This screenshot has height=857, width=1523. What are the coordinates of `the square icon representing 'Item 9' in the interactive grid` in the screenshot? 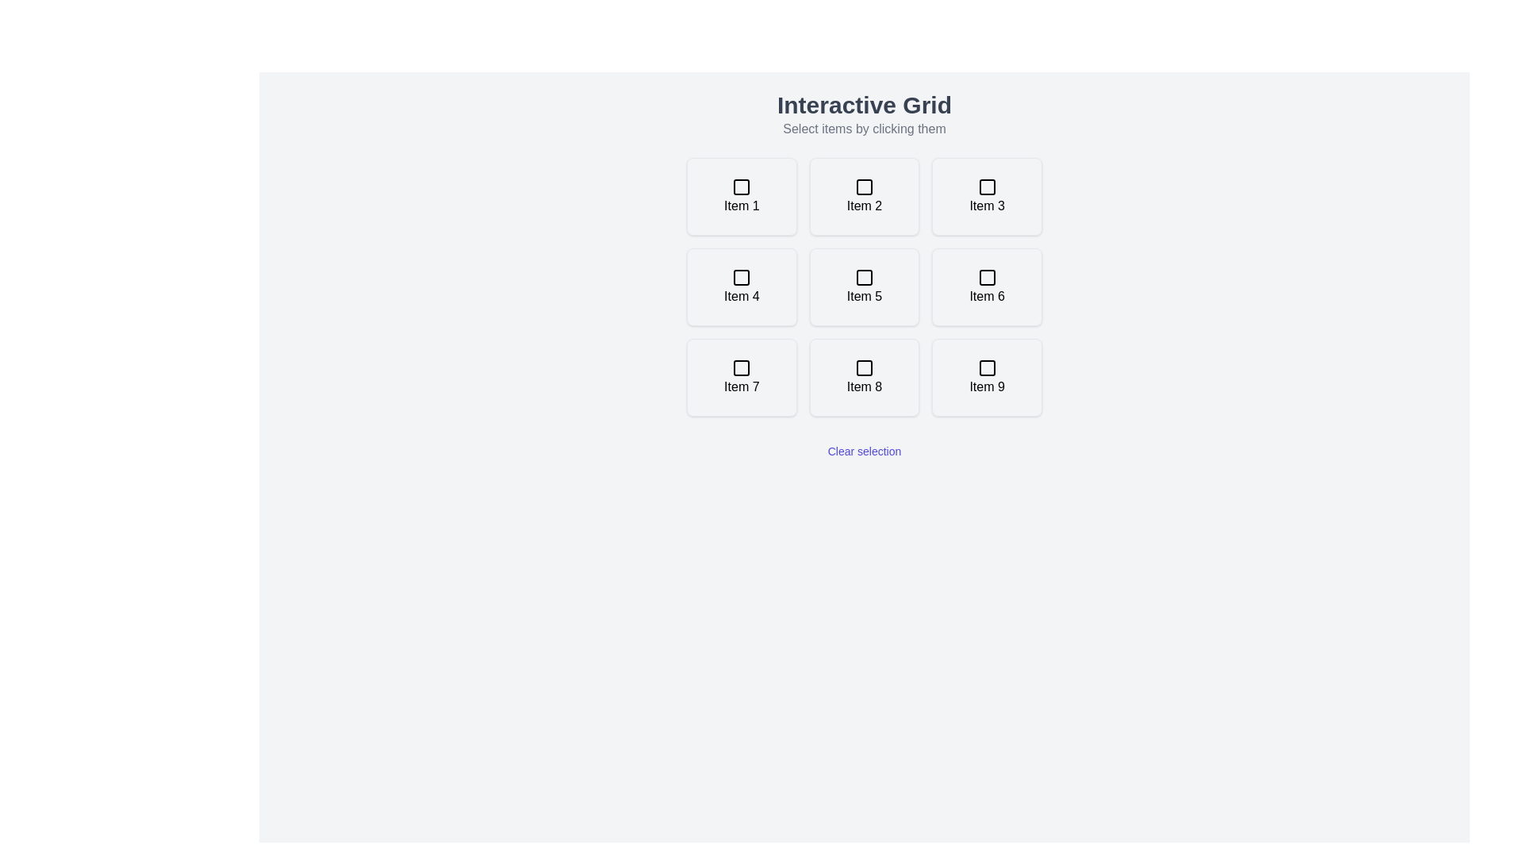 It's located at (986, 367).